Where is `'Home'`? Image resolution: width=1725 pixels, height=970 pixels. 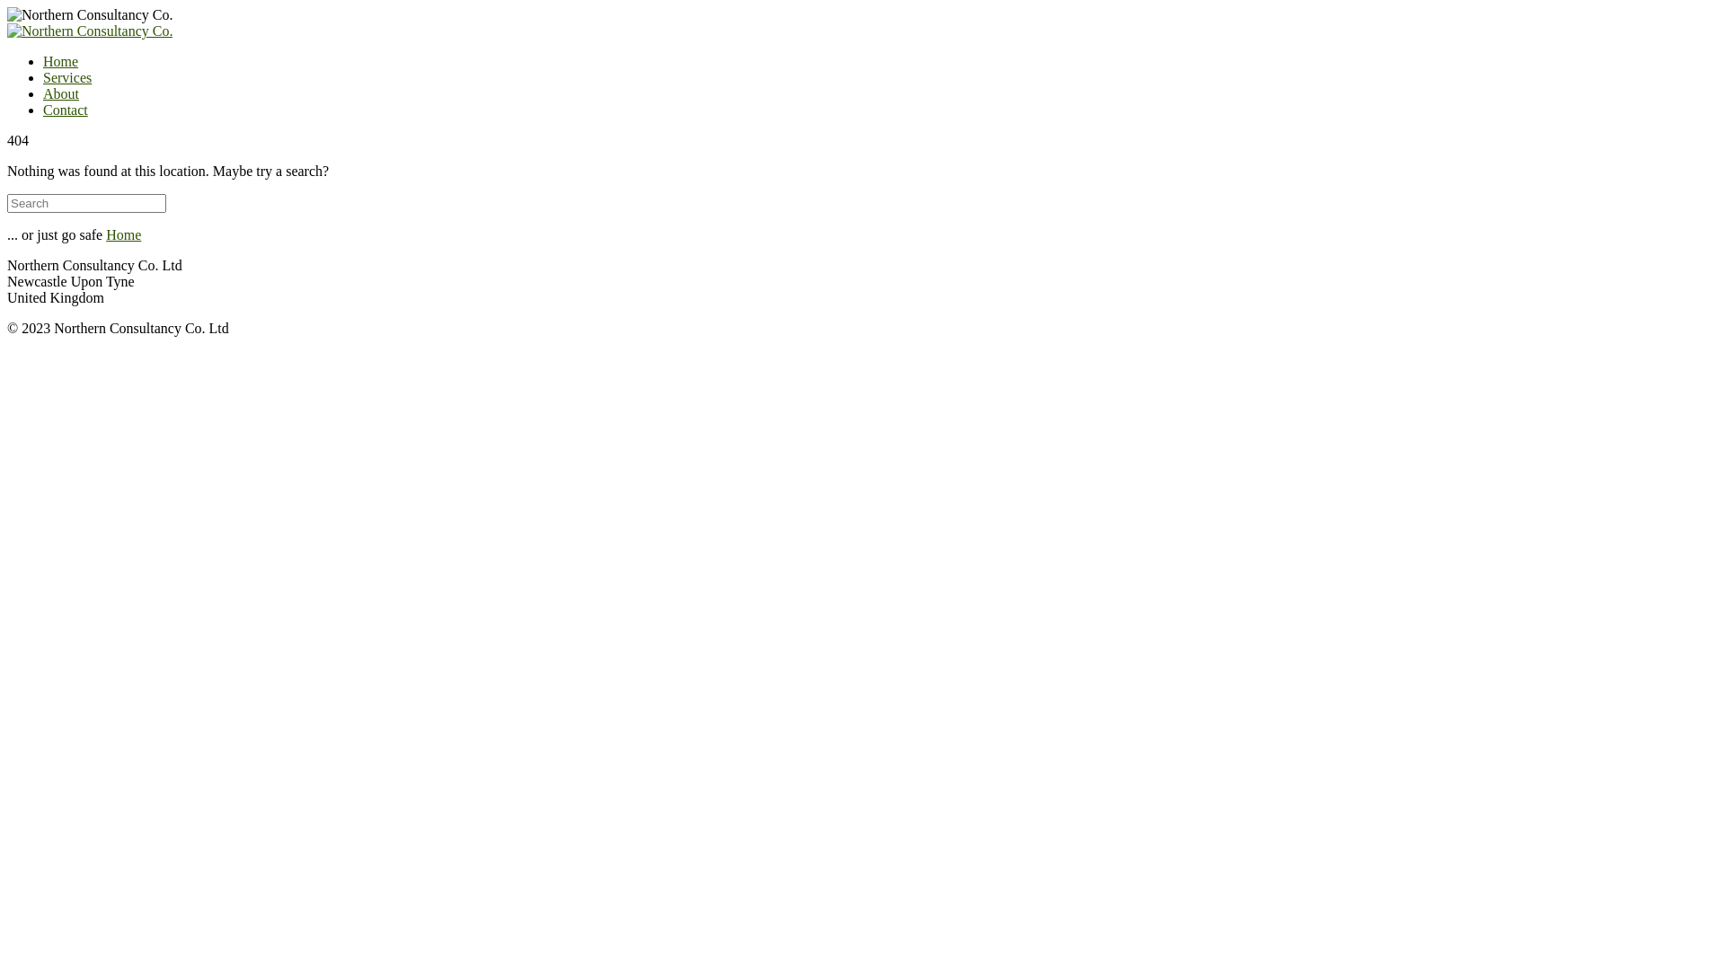 'Home' is located at coordinates (43, 60).